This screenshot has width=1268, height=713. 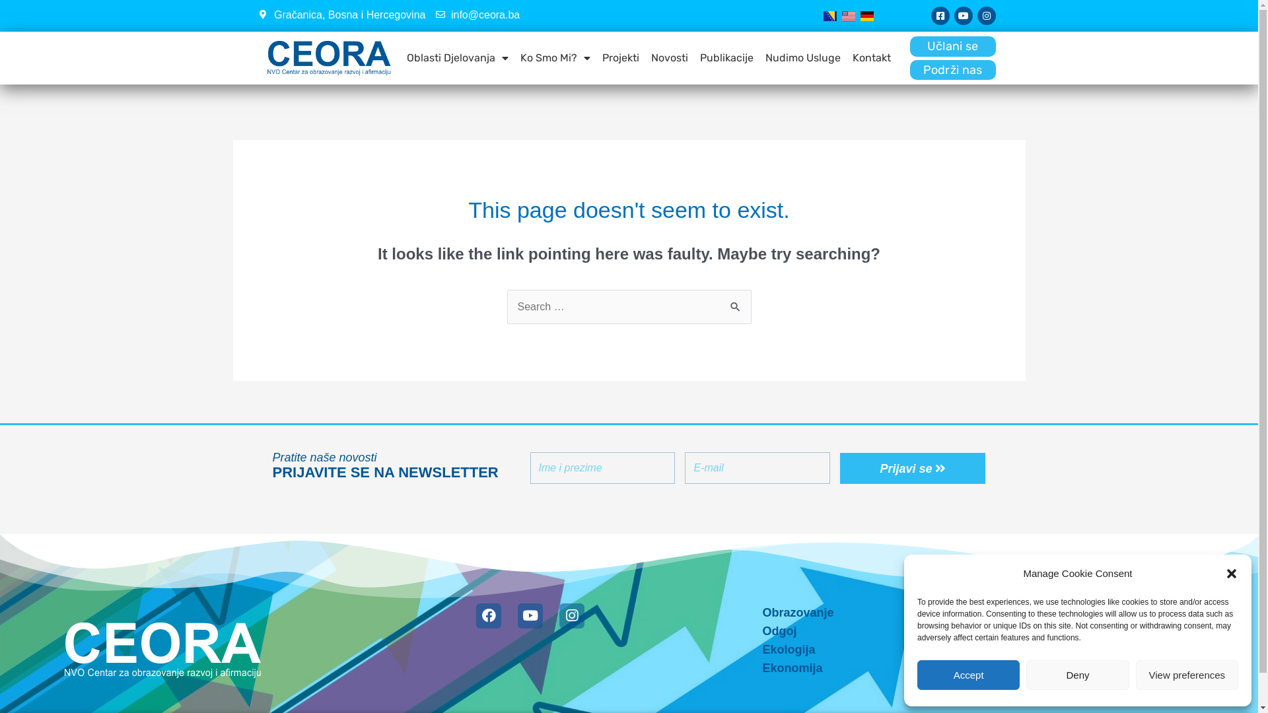 What do you see at coordinates (477, 15) in the screenshot?
I see `'info@ceora.ba'` at bounding box center [477, 15].